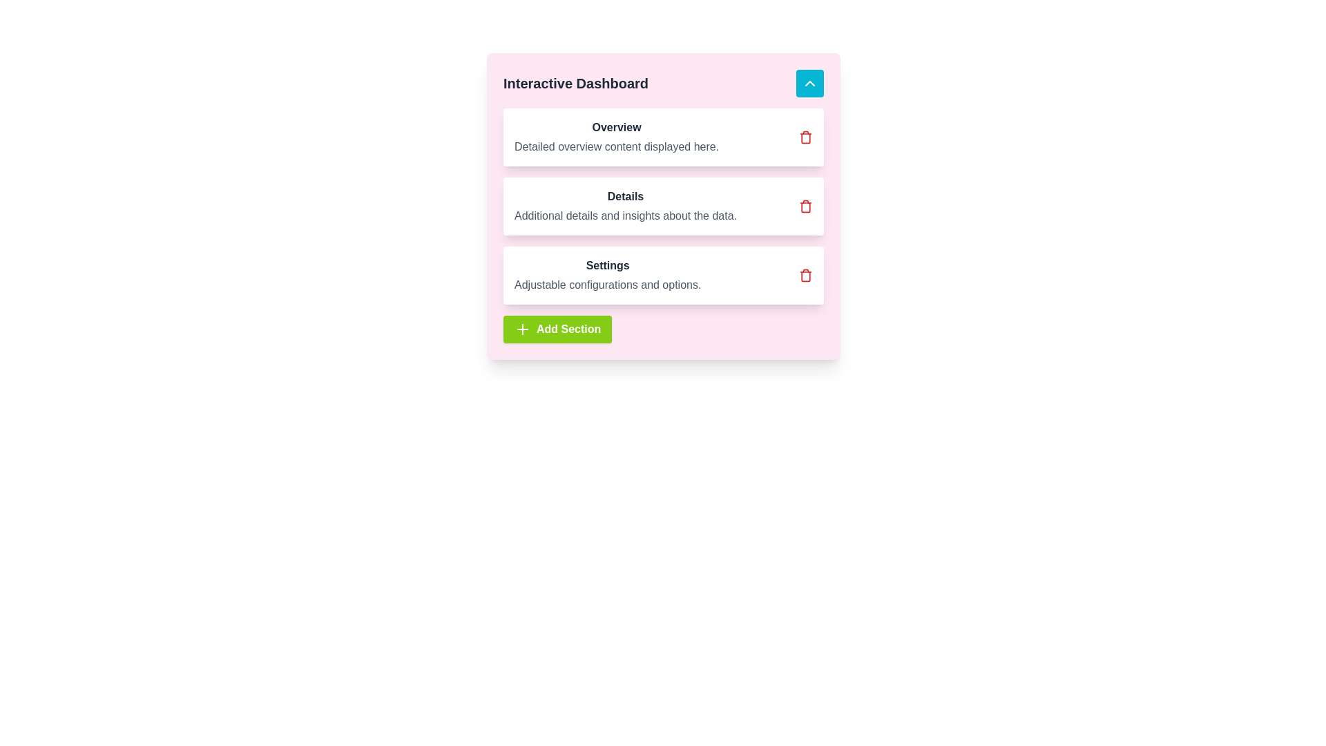 Image resolution: width=1326 pixels, height=746 pixels. Describe the element at coordinates (663, 207) in the screenshot. I see `the interactive sub-elements within the 'Details' card, which has a white background and contains the title 'Details' and a description` at that location.